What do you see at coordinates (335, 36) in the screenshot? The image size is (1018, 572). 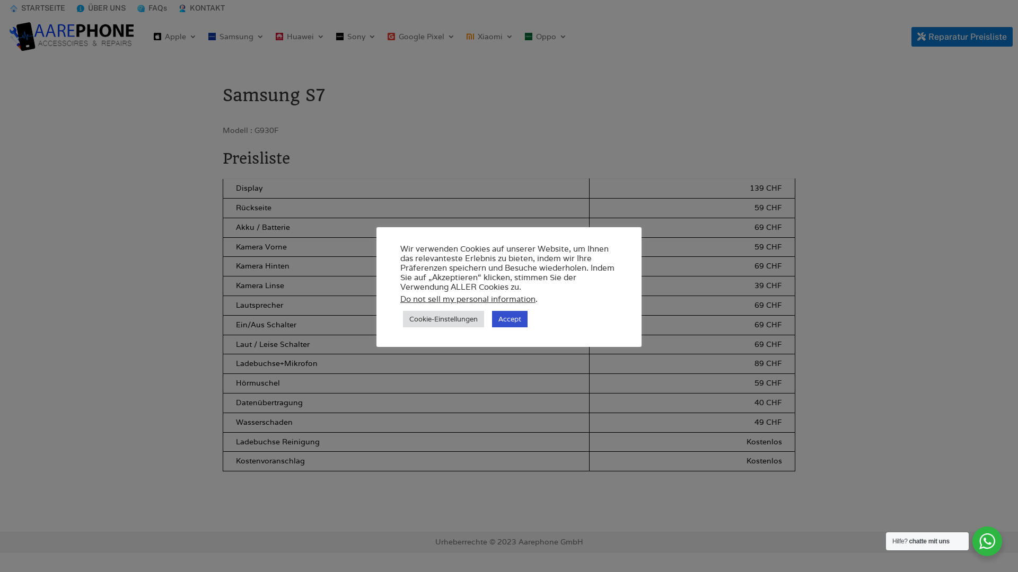 I see `'Sony'` at bounding box center [335, 36].